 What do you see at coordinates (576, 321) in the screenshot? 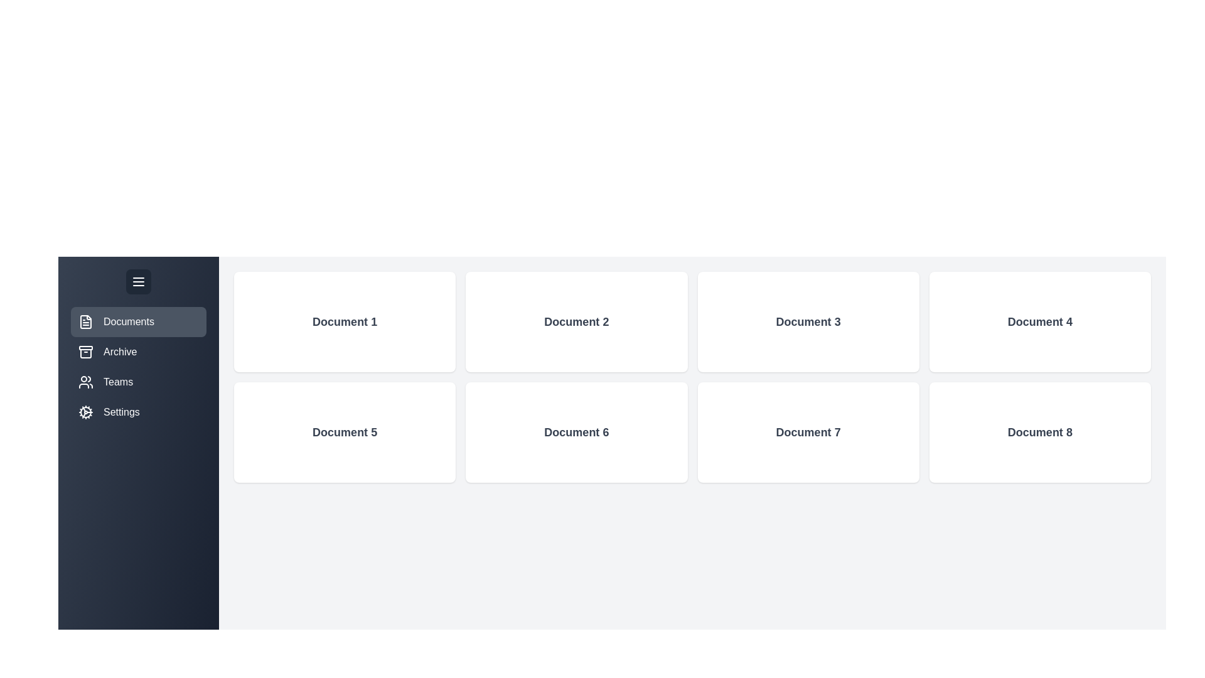
I see `the 'Document 2' card to view its details` at bounding box center [576, 321].